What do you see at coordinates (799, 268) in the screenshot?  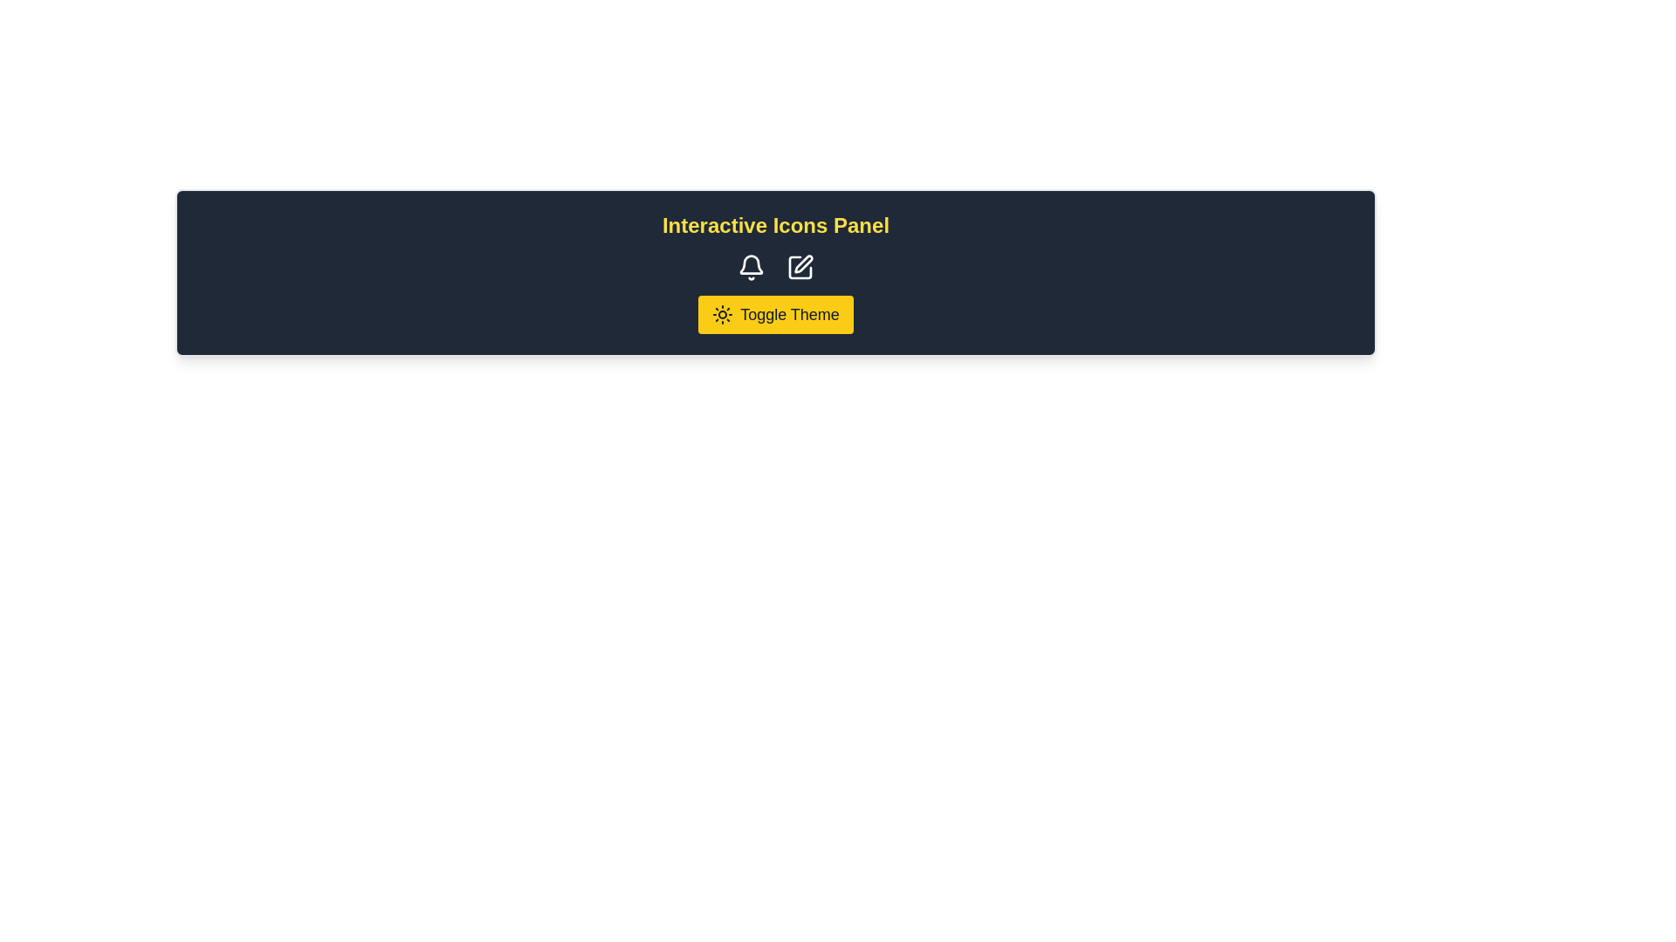 I see `the rectangular icon with a pen or square design located to the right of the bell icon in the header section of the application` at bounding box center [799, 268].